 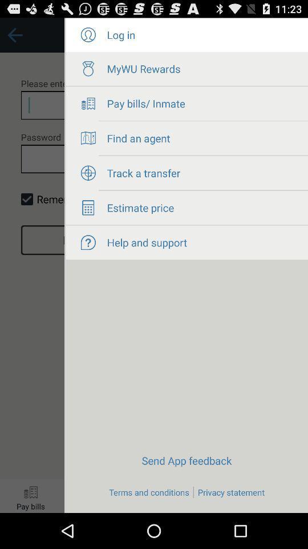 What do you see at coordinates (87, 35) in the screenshot?
I see `login` at bounding box center [87, 35].